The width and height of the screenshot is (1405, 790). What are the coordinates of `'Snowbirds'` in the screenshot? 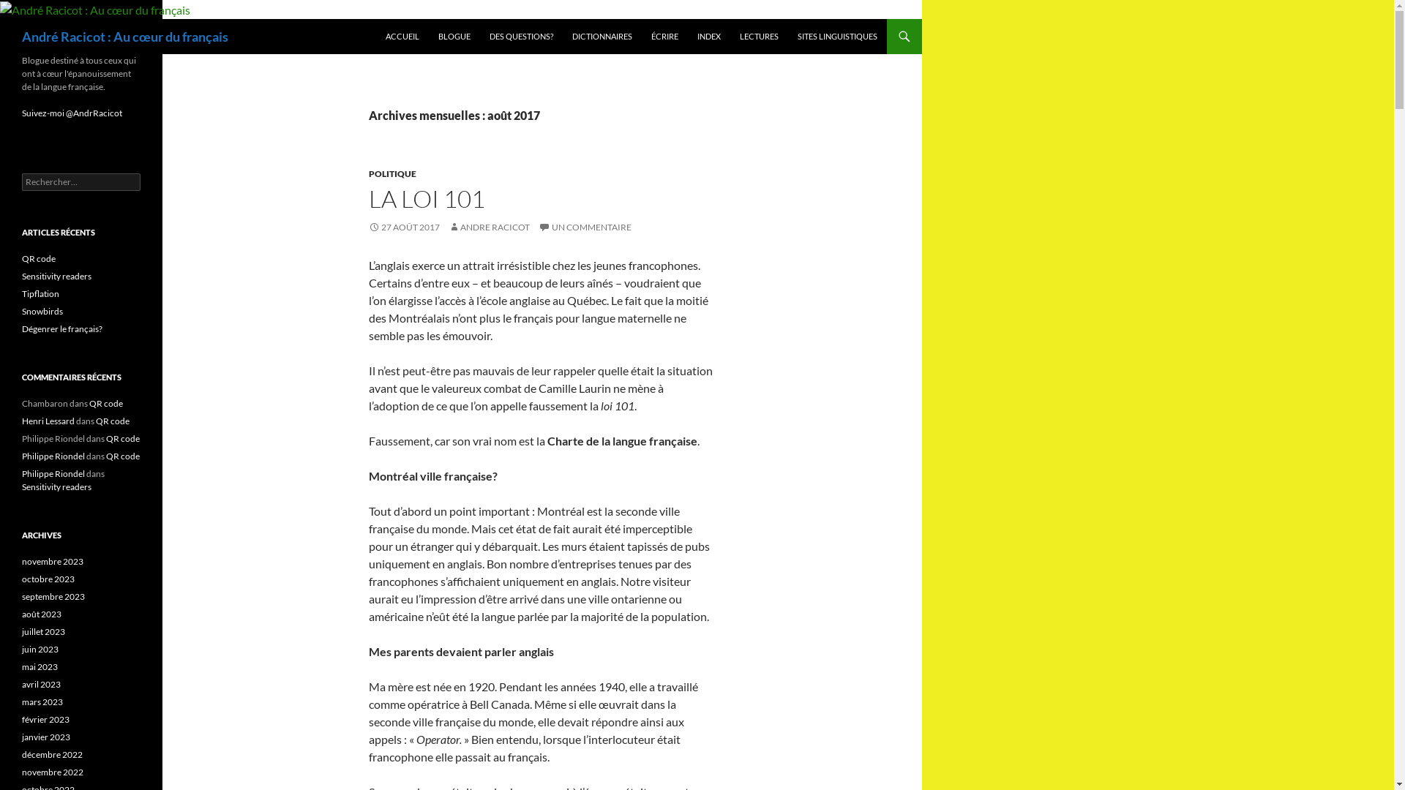 It's located at (21, 310).